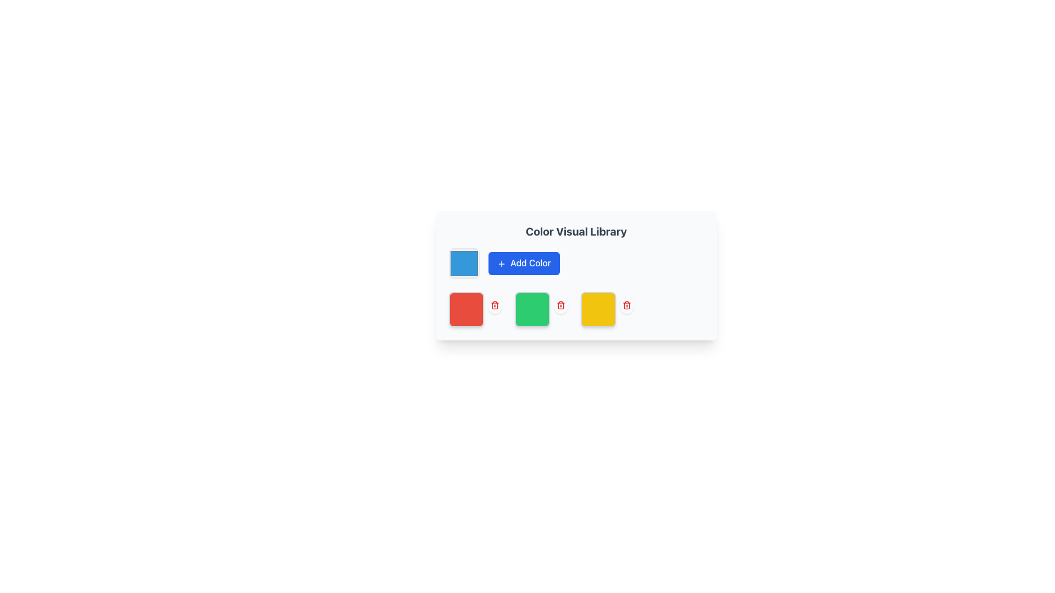 Image resolution: width=1055 pixels, height=593 pixels. I want to click on the third colored tile in the 'Color Visual Library' grid, so click(543, 309).